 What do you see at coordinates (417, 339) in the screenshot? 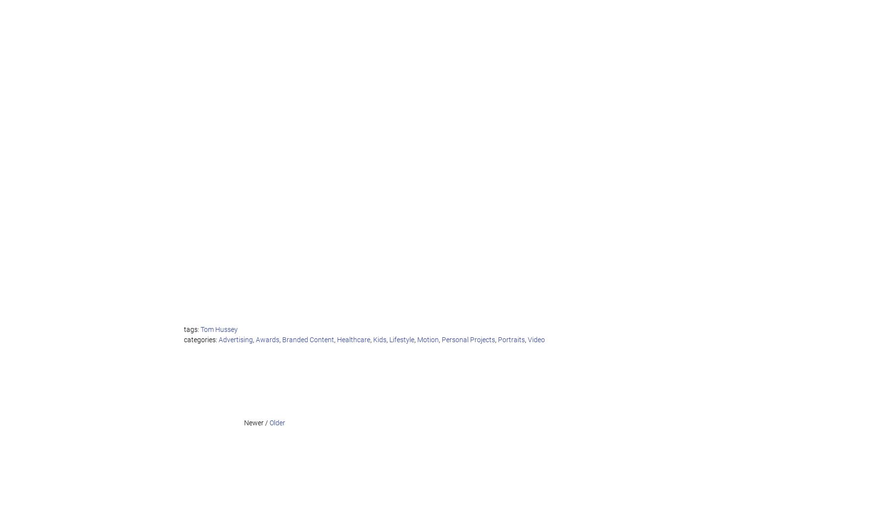
I see `'Motion'` at bounding box center [417, 339].